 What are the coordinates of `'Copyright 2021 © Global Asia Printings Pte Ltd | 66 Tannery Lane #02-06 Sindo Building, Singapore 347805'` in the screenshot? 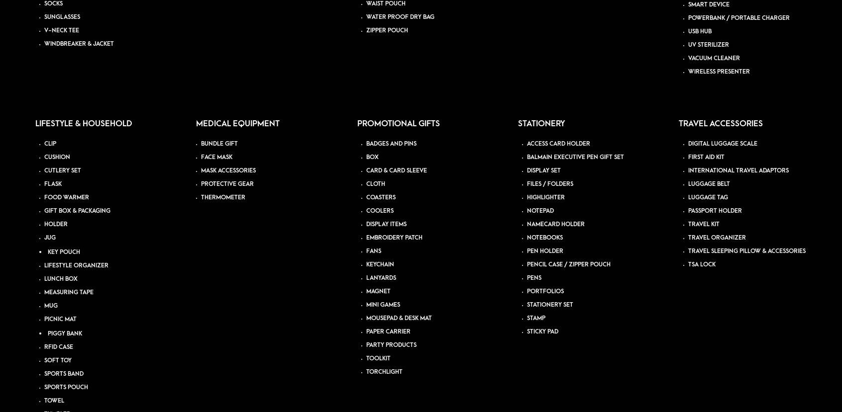 It's located at (196, 182).